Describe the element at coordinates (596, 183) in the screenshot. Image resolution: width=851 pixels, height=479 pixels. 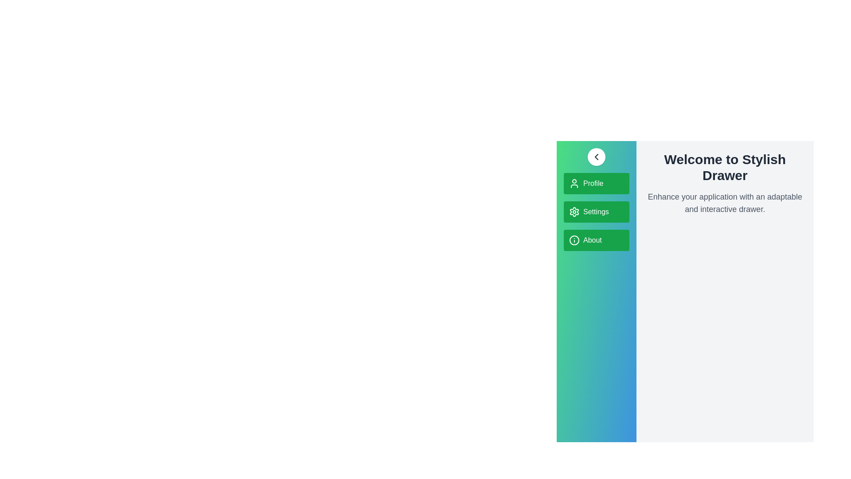
I see `the menu item Profile in the StylishDrawer` at that location.